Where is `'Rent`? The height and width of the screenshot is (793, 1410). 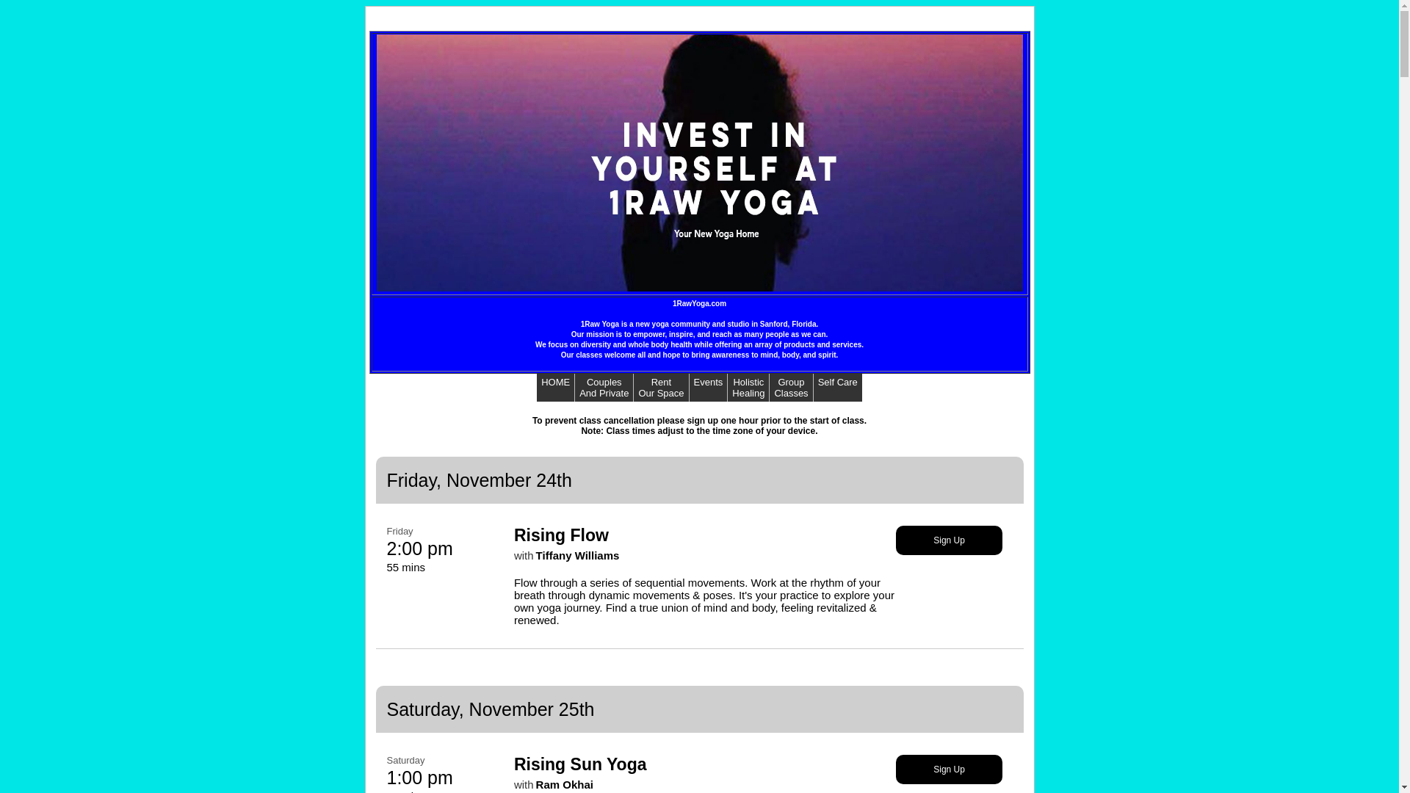
'Rent is located at coordinates (660, 387).